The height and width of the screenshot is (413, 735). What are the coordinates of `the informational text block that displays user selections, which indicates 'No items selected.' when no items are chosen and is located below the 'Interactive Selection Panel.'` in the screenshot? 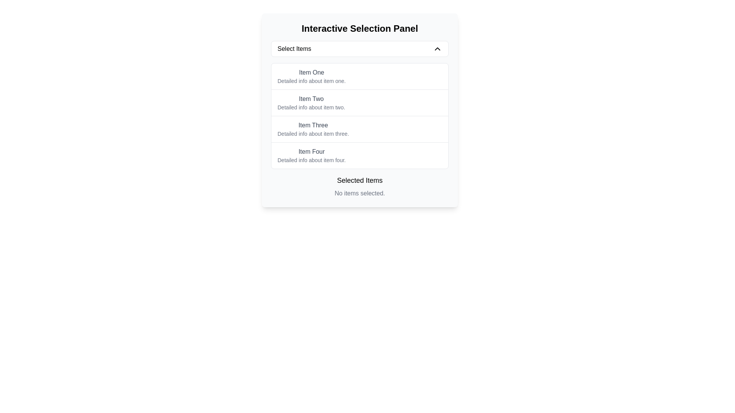 It's located at (359, 187).